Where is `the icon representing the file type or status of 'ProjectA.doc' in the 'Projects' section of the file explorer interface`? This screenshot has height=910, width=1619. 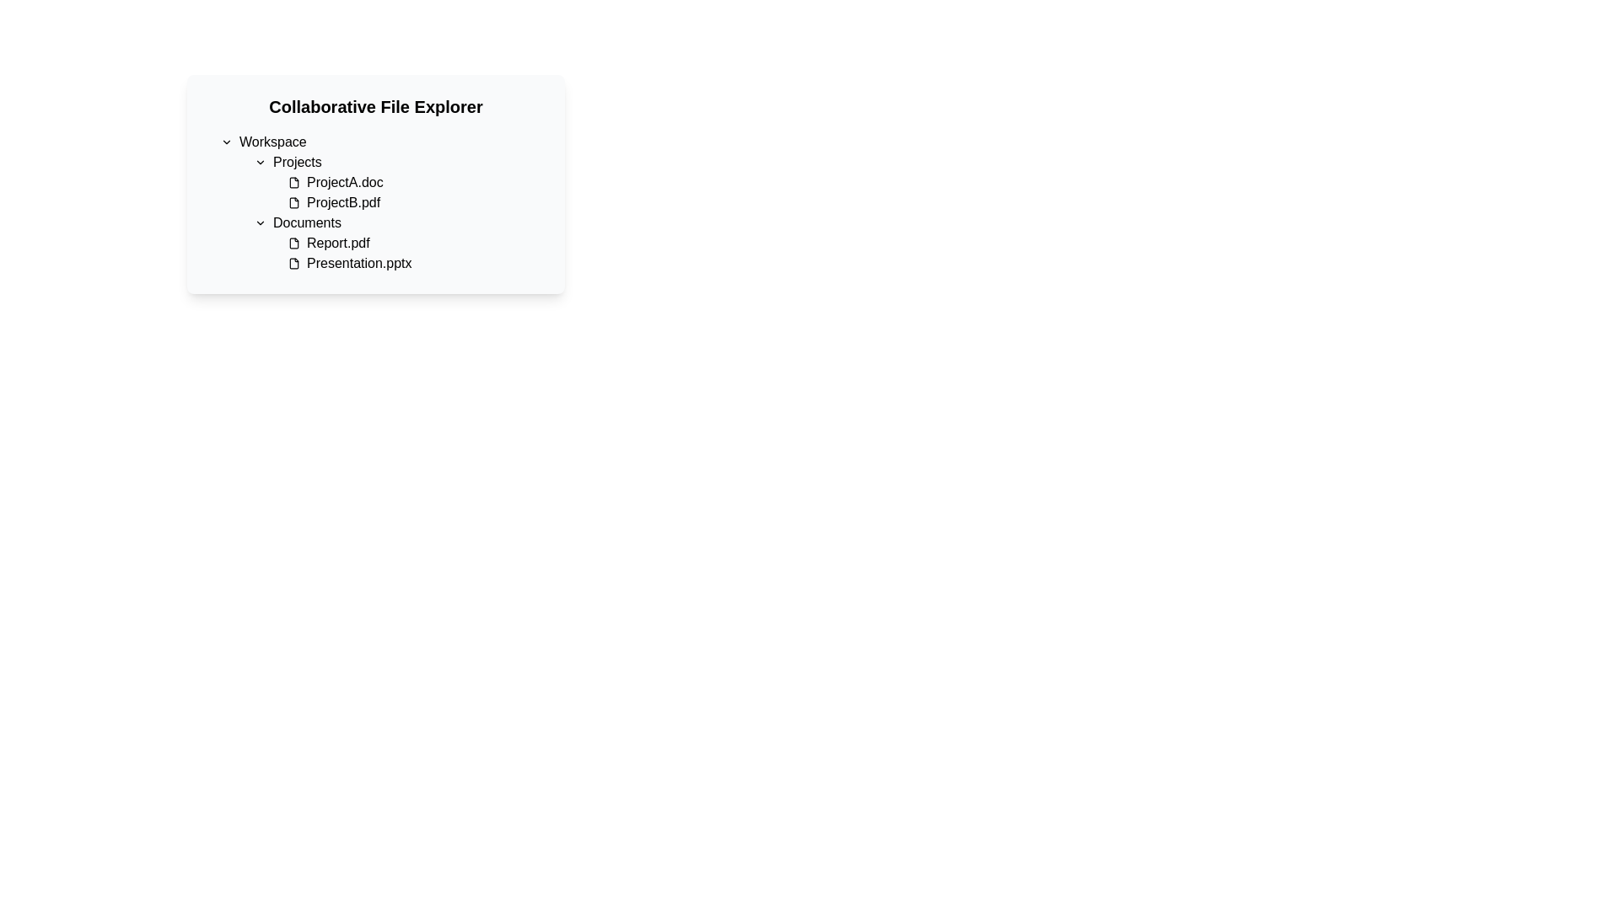 the icon representing the file type or status of 'ProjectA.doc' in the 'Projects' section of the file explorer interface is located at coordinates (294, 182).